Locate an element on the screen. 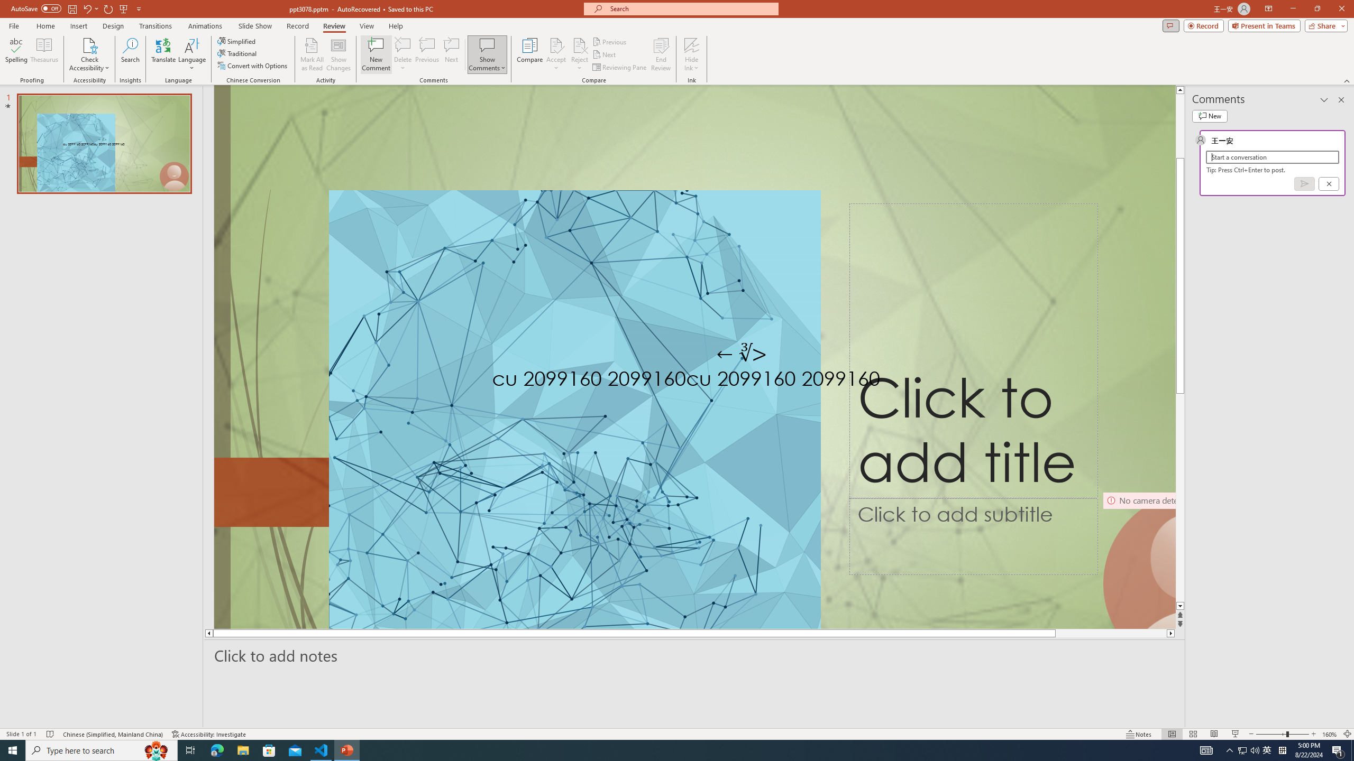  'Compare' is located at coordinates (530, 54).